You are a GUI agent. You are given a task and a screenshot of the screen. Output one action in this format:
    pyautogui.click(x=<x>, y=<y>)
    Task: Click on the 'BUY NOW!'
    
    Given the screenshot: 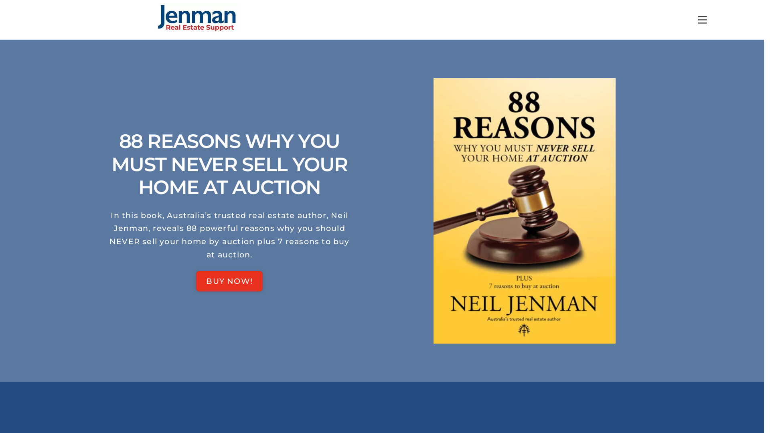 What is the action you would take?
    pyautogui.click(x=229, y=281)
    